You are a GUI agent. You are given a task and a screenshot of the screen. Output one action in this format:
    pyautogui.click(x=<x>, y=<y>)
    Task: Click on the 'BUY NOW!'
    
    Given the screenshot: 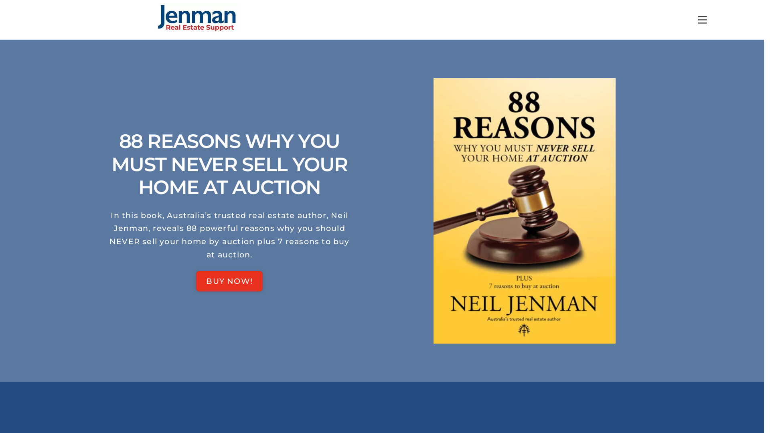 What is the action you would take?
    pyautogui.click(x=229, y=281)
    